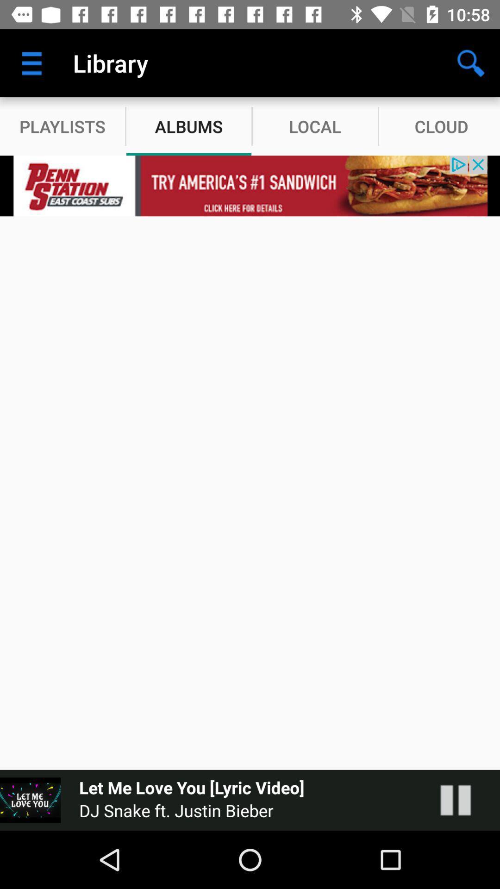 The height and width of the screenshot is (889, 500). What do you see at coordinates (465, 800) in the screenshot?
I see `pause button` at bounding box center [465, 800].